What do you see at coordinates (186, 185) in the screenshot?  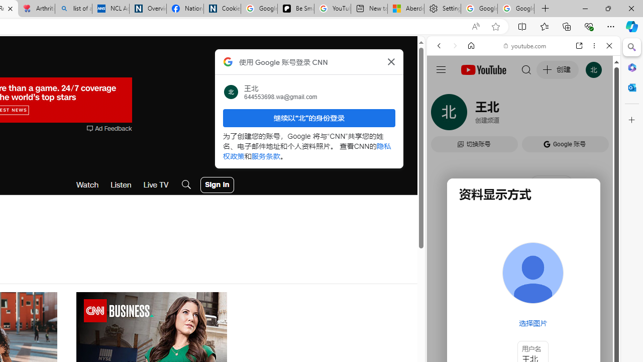 I see `'Search Icon'` at bounding box center [186, 185].